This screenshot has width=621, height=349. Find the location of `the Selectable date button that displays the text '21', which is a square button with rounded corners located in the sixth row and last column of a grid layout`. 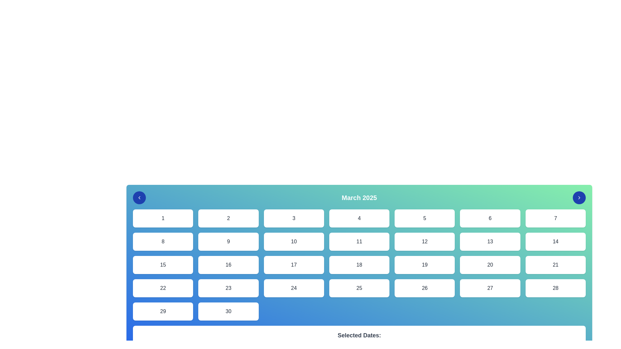

the Selectable date button that displays the text '21', which is a square button with rounded corners located in the sixth row and last column of a grid layout is located at coordinates (555, 265).